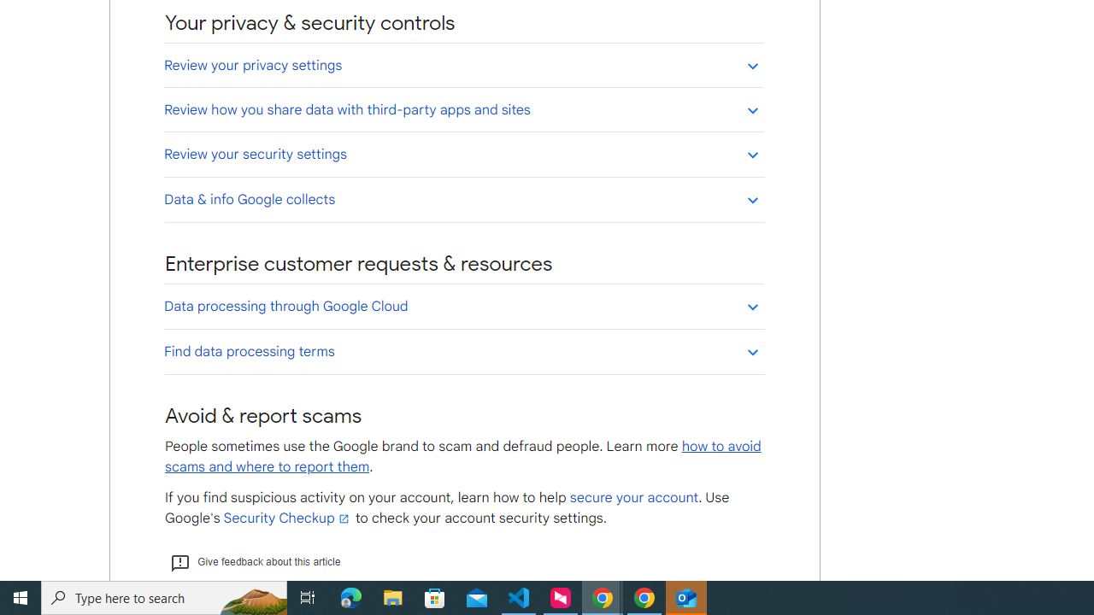  What do you see at coordinates (463, 198) in the screenshot?
I see `'Data & info Google collects'` at bounding box center [463, 198].